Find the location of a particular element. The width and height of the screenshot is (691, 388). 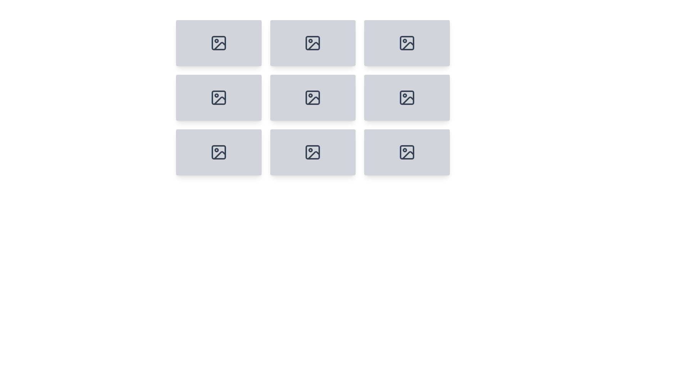

the image placeholder icon located in the middle row and middle column of a 3x3 grid layout is located at coordinates (313, 98).